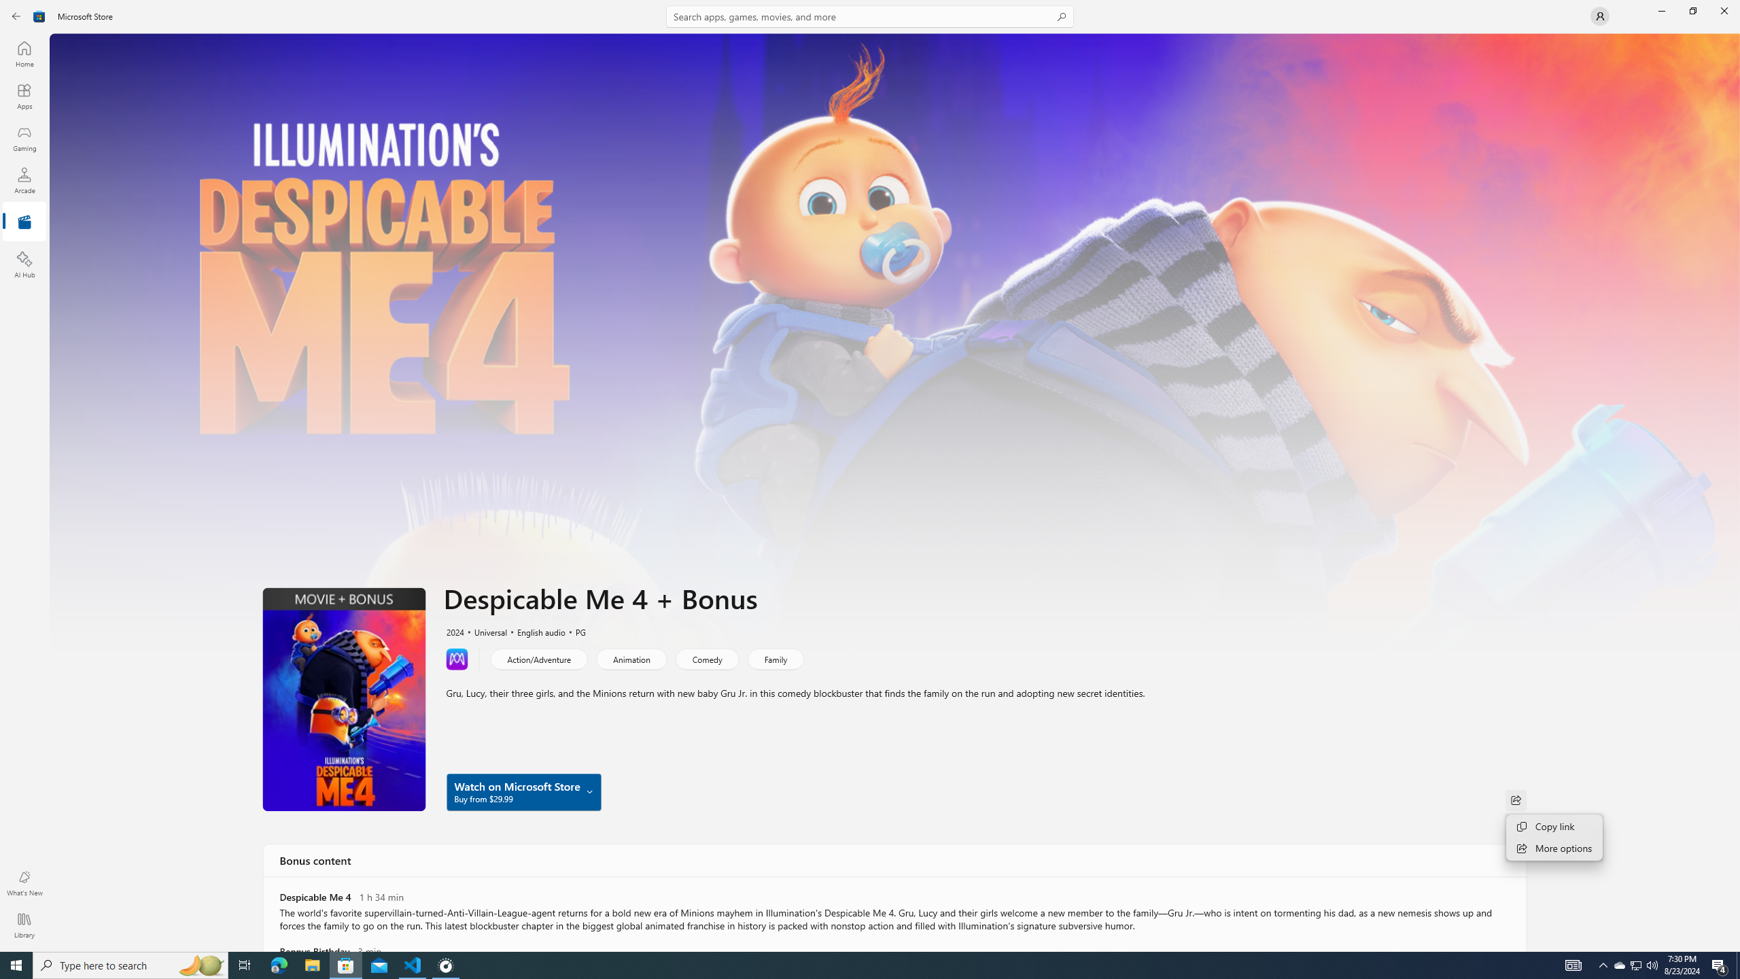  I want to click on 'Minimize Microsoft Store', so click(1660, 10).